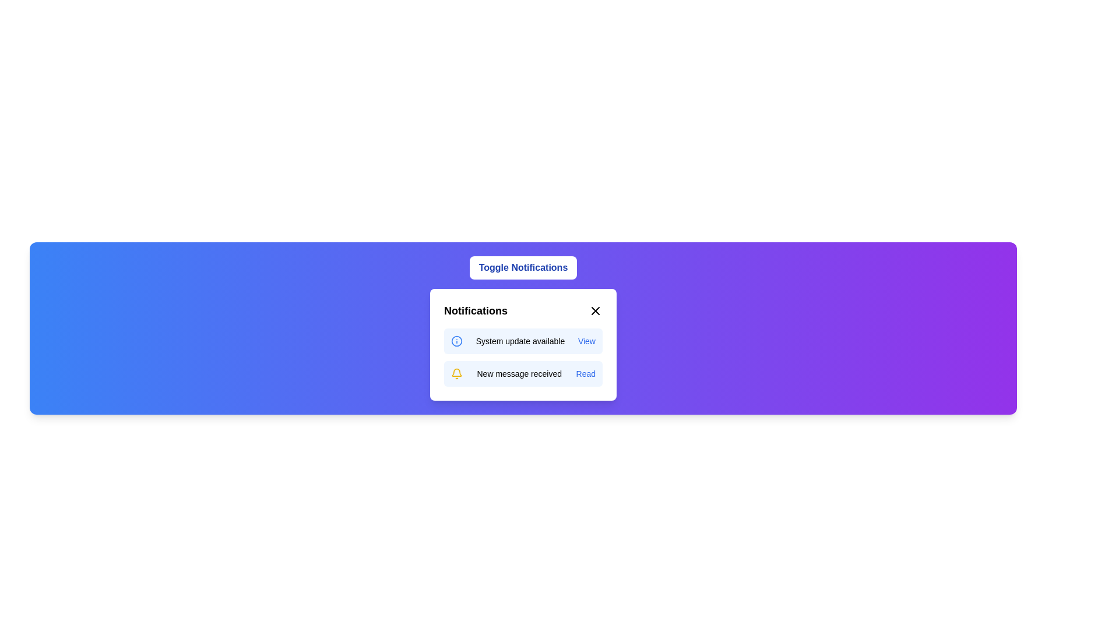 This screenshot has width=1119, height=629. Describe the element at coordinates (522, 341) in the screenshot. I see `the notification item that informs the user about an available system update` at that location.